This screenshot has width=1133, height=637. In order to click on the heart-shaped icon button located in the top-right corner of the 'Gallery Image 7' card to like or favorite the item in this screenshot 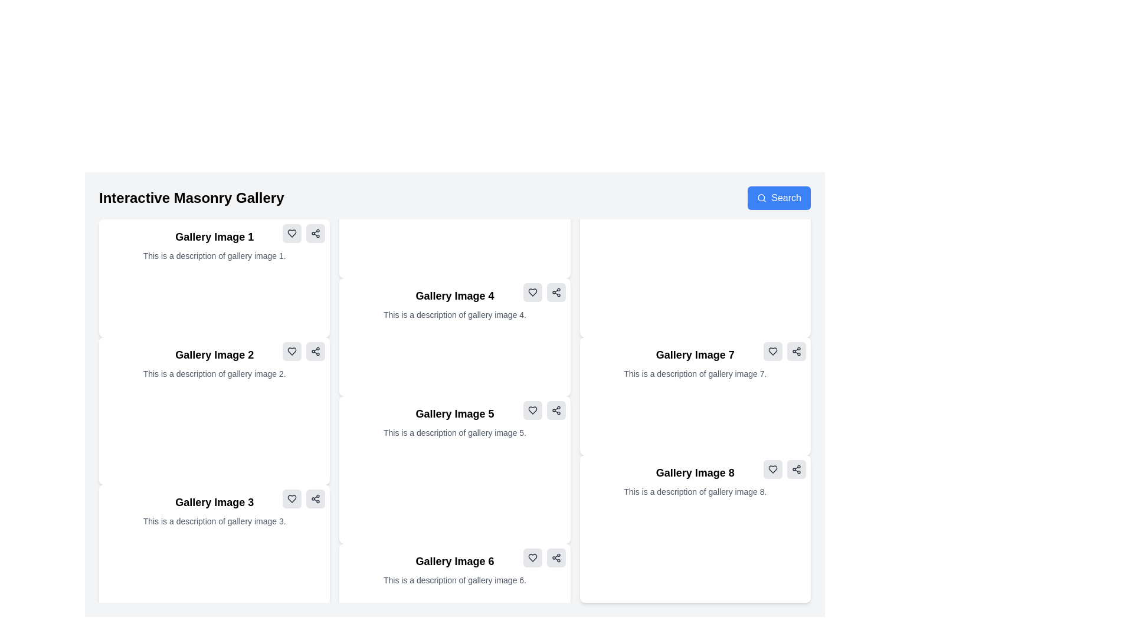, I will do `click(773, 351)`.